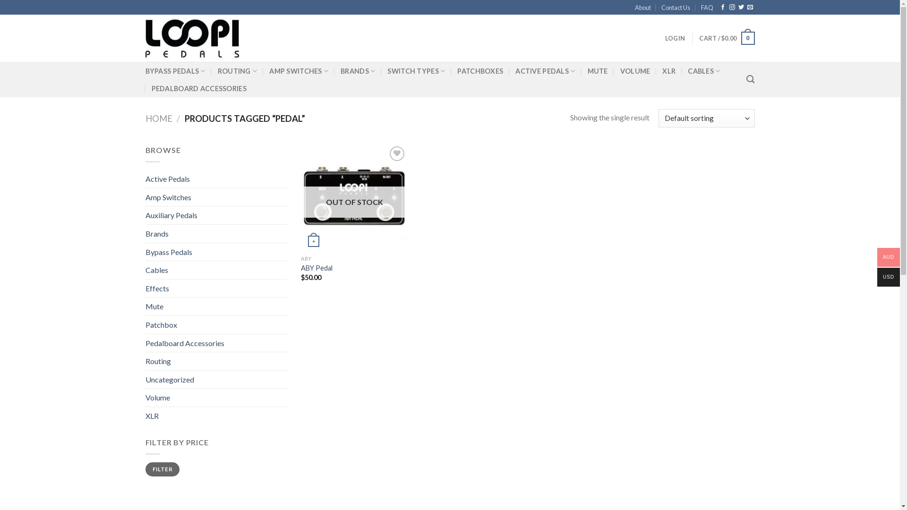  Describe the element at coordinates (357, 70) in the screenshot. I see `'BRANDS'` at that location.